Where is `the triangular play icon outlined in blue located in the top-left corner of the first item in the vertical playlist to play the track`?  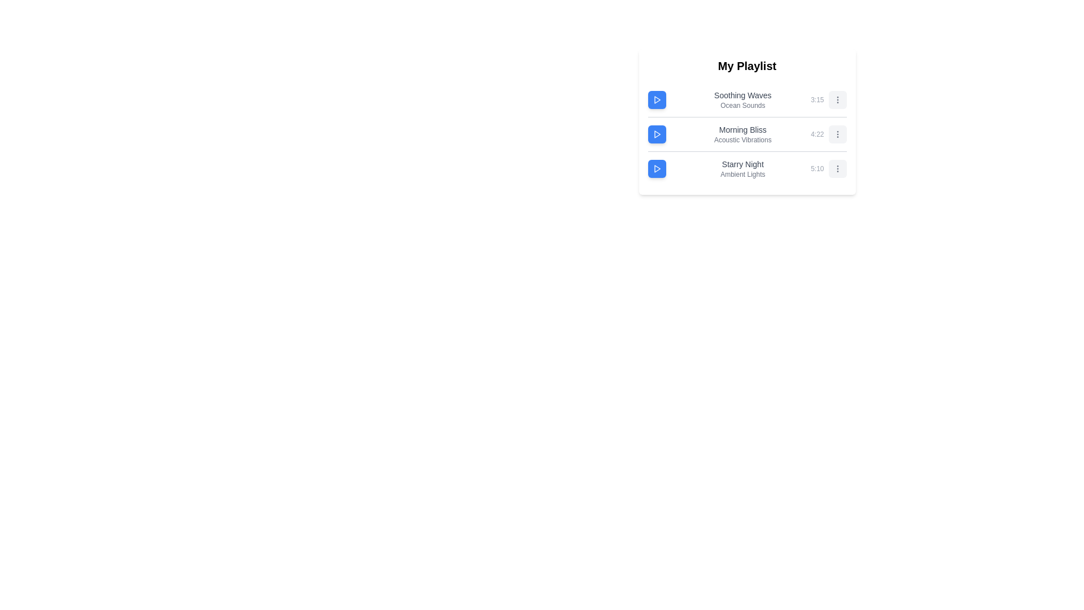 the triangular play icon outlined in blue located in the top-left corner of the first item in the vertical playlist to play the track is located at coordinates (657, 99).